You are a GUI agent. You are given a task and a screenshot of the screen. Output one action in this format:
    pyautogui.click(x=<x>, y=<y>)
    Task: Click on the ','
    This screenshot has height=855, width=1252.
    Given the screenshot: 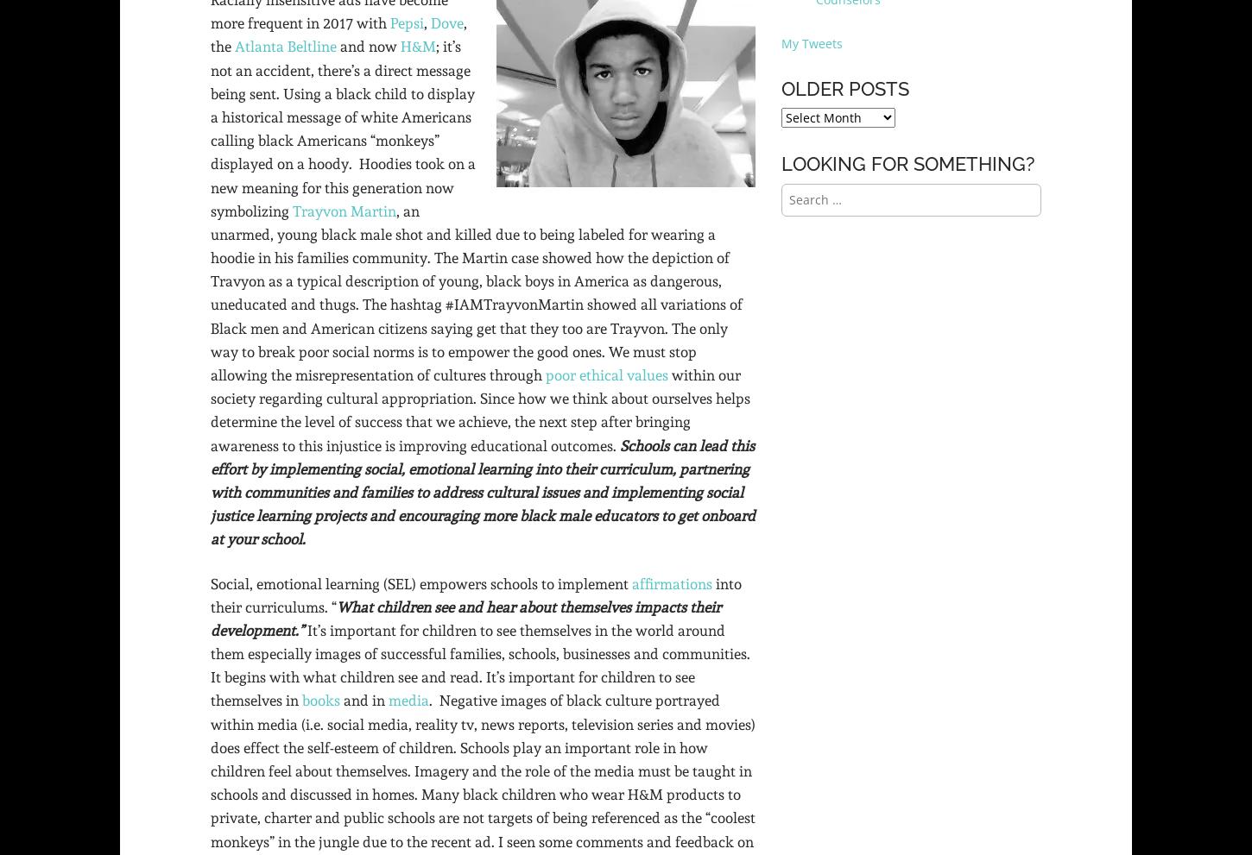 What is the action you would take?
    pyautogui.click(x=427, y=22)
    